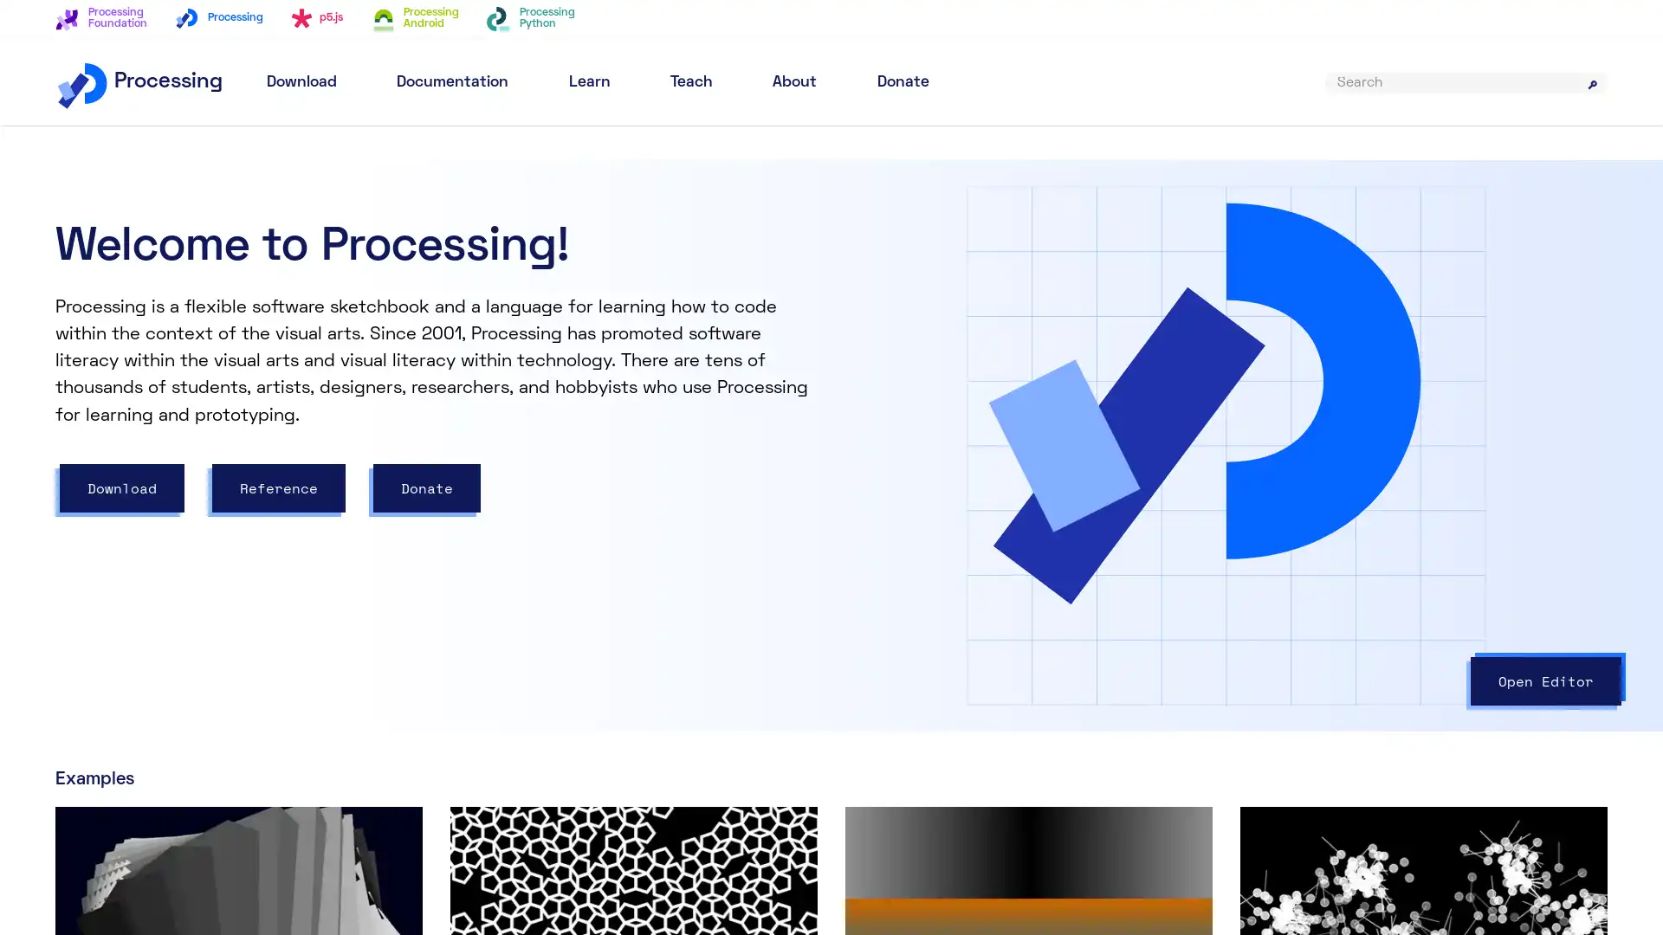 Image resolution: width=1663 pixels, height=935 pixels. I want to click on bezier, so click(904, 474).